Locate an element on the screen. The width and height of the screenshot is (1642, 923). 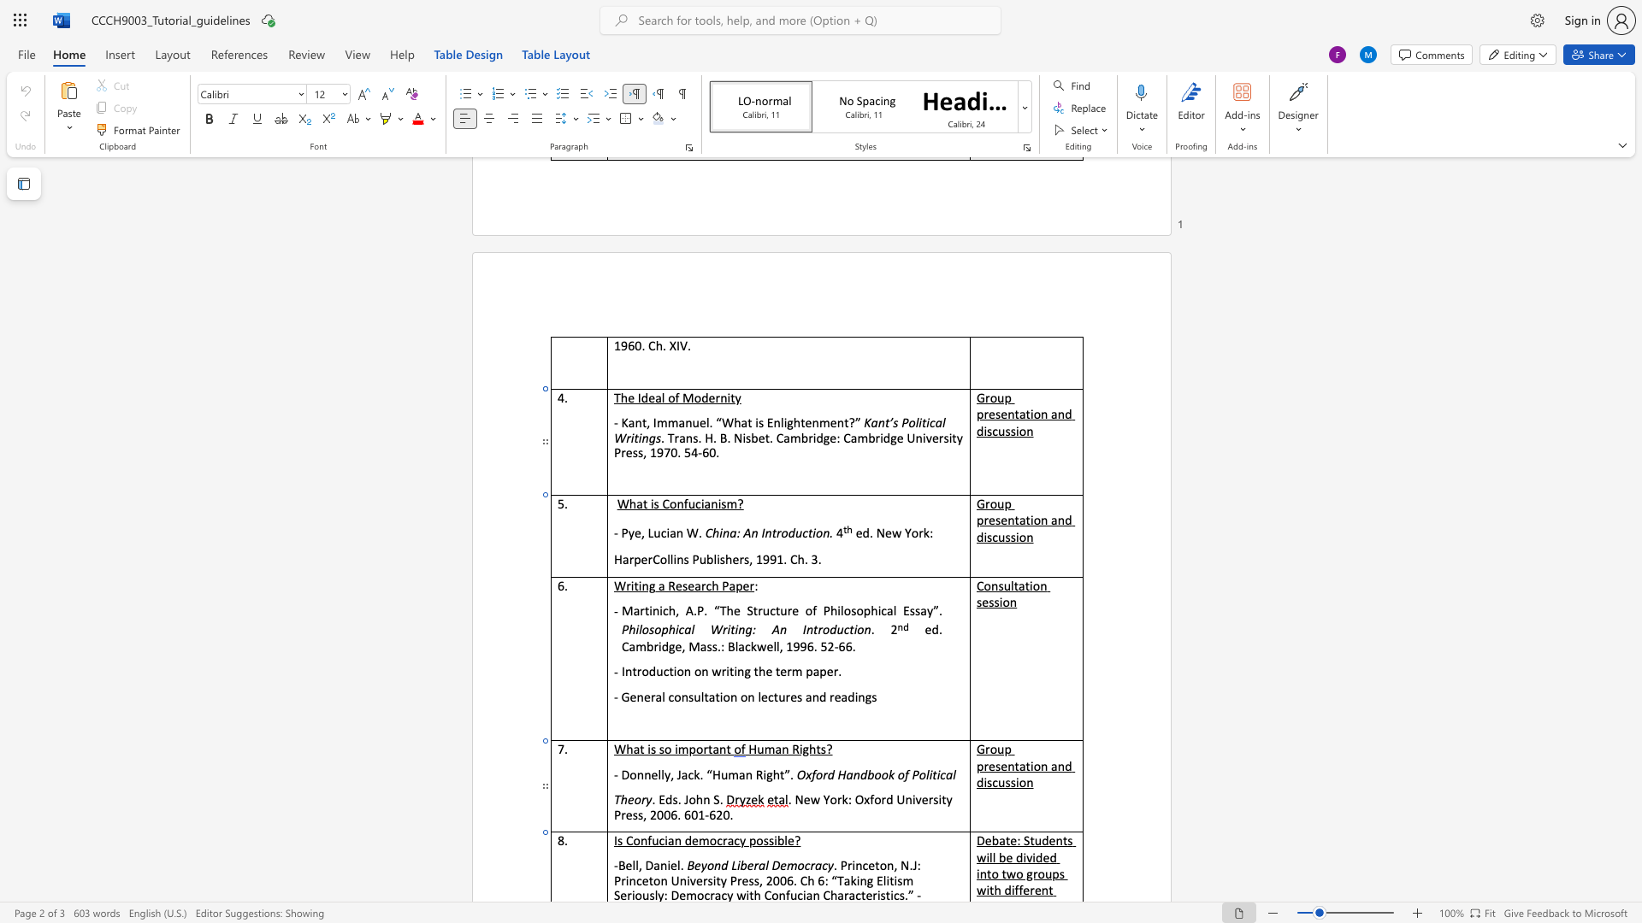
the 1th character "d" in the text is located at coordinates (865, 532).